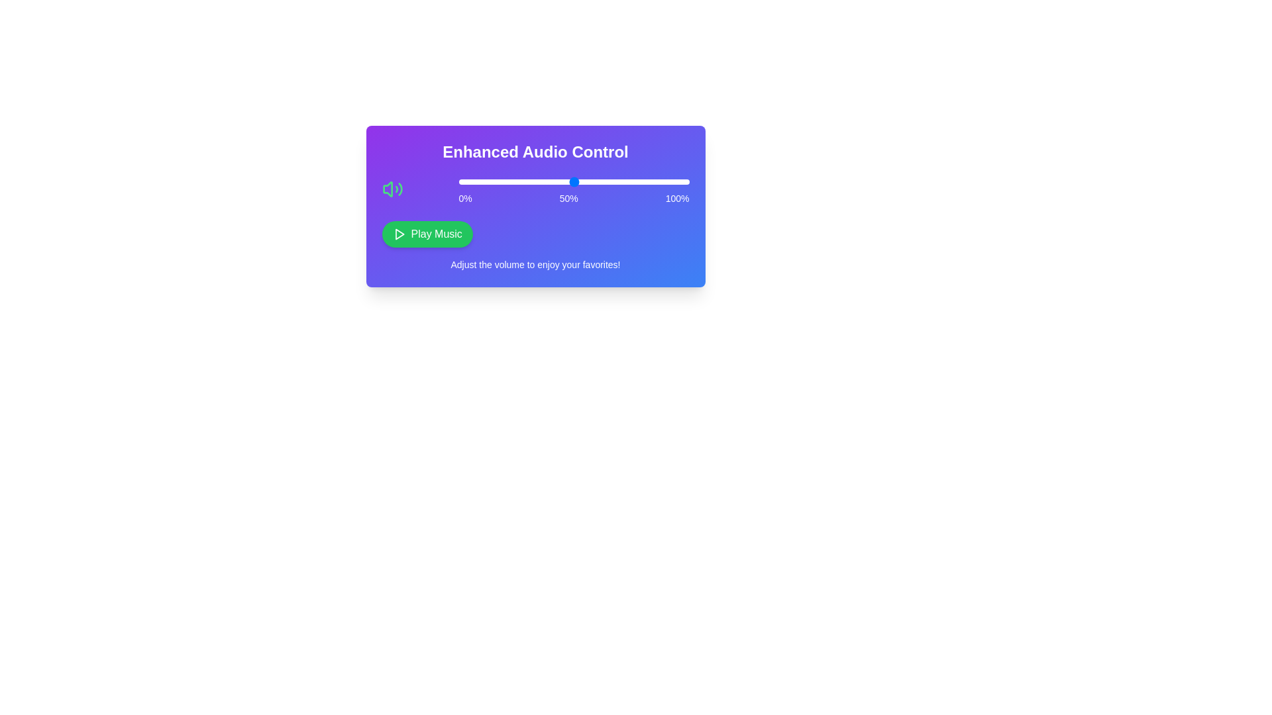  Describe the element at coordinates (427, 234) in the screenshot. I see `the 'Play Music' button to initiate music playback` at that location.